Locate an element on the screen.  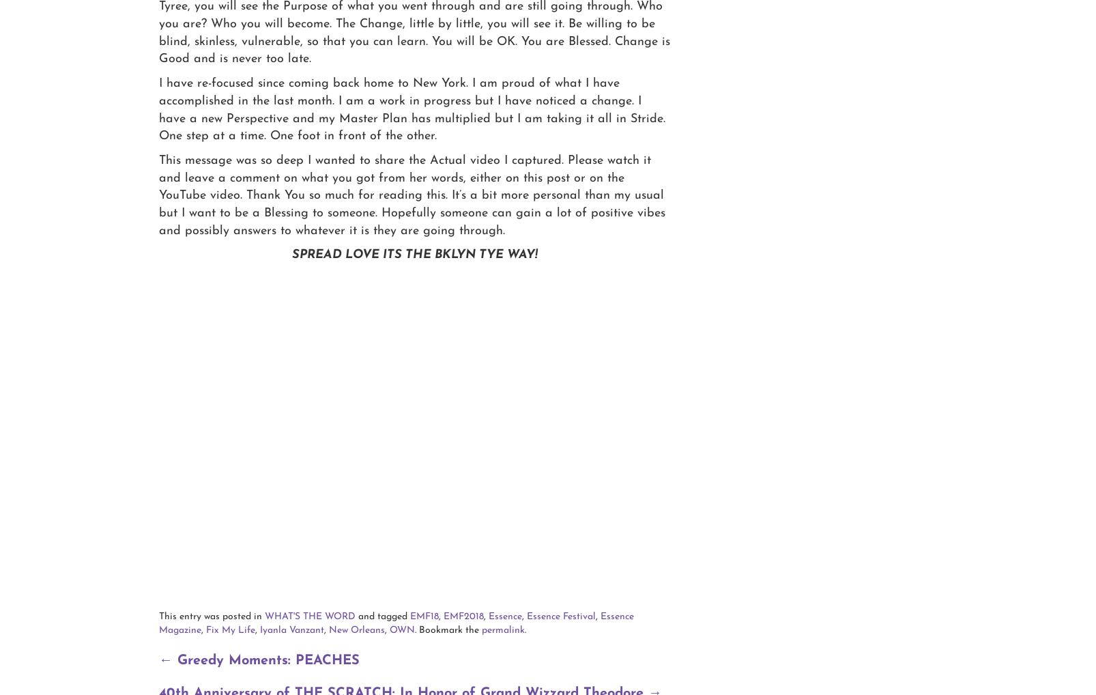
'Essence' is located at coordinates (505, 616).